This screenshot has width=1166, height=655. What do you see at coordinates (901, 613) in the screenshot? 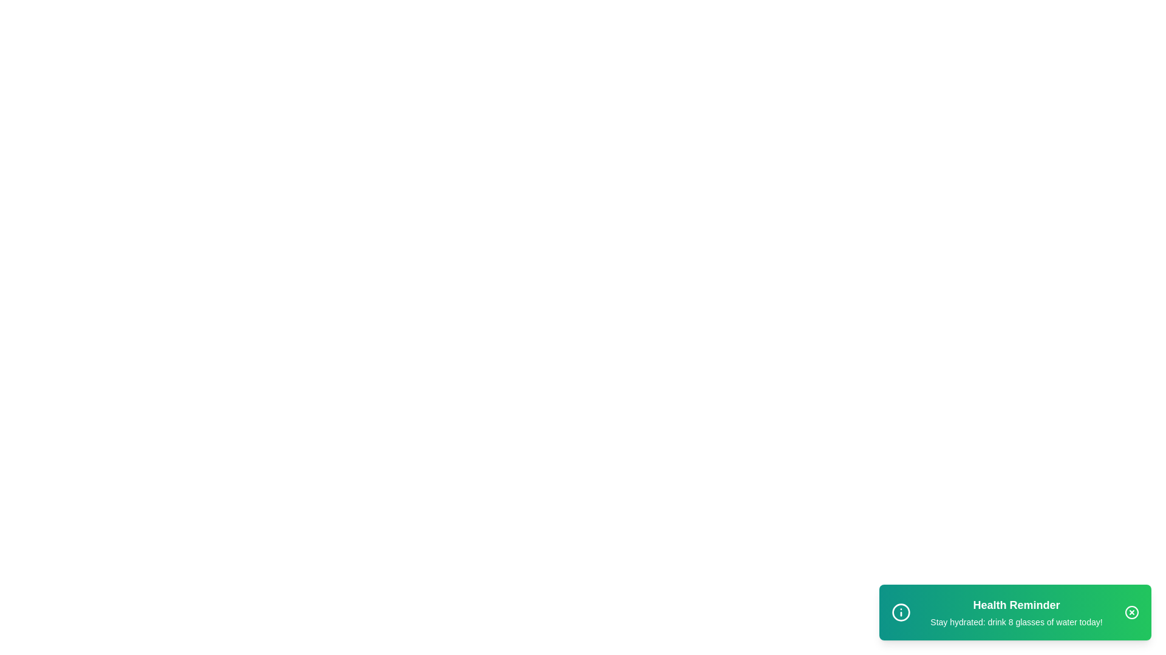
I see `the notification icon to interact with it` at bounding box center [901, 613].